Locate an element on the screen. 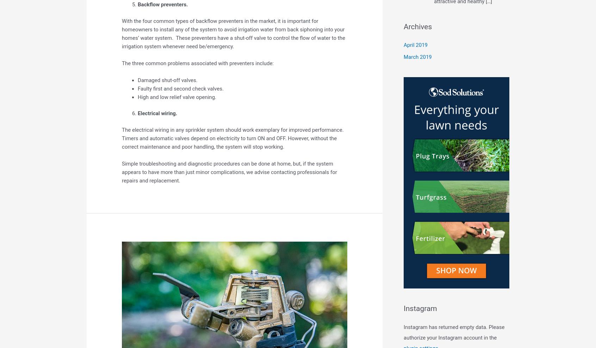  'March 2019' is located at coordinates (417, 57).